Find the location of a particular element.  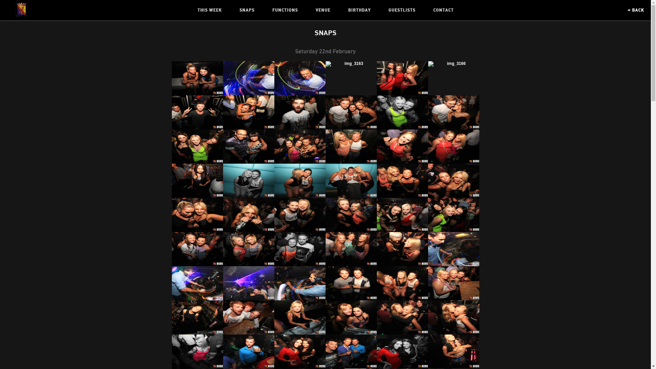

' ' is located at coordinates (248, 283).